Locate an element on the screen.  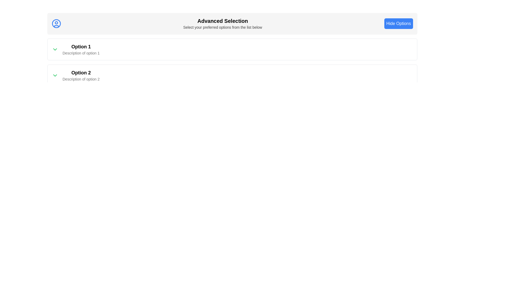
the static informational text area titled 'Advanced Selection' with the subtitle 'Select your preferred options from the list below' is located at coordinates (222, 23).